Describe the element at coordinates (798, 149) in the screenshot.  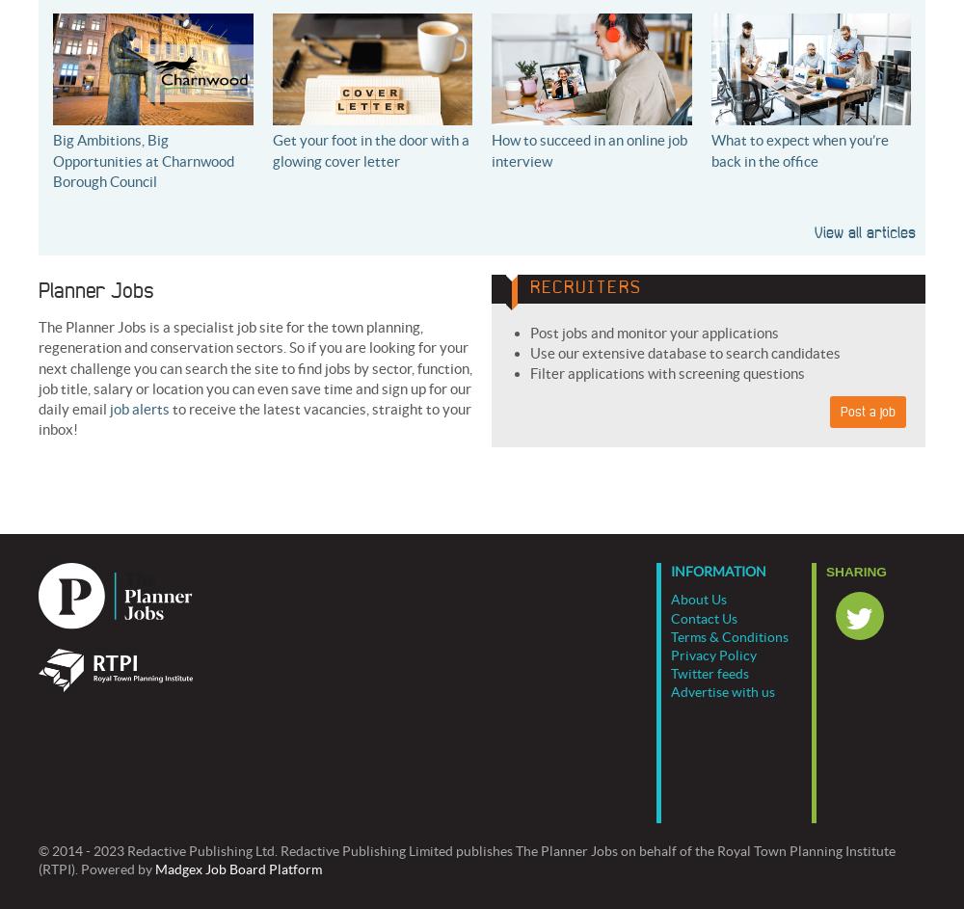
I see `'What to expect when you’re back in the office'` at that location.